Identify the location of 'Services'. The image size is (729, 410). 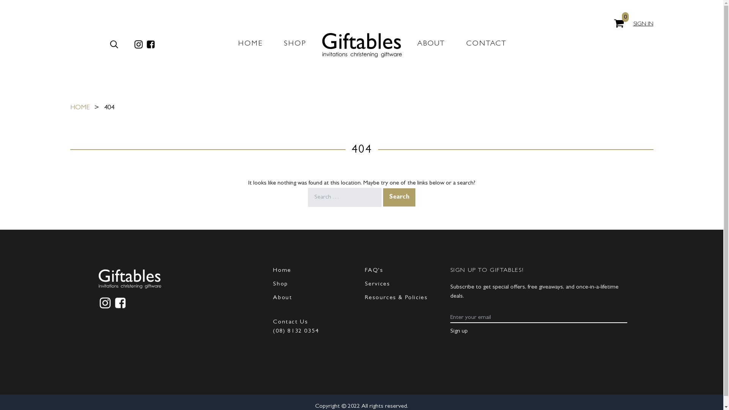
(377, 284).